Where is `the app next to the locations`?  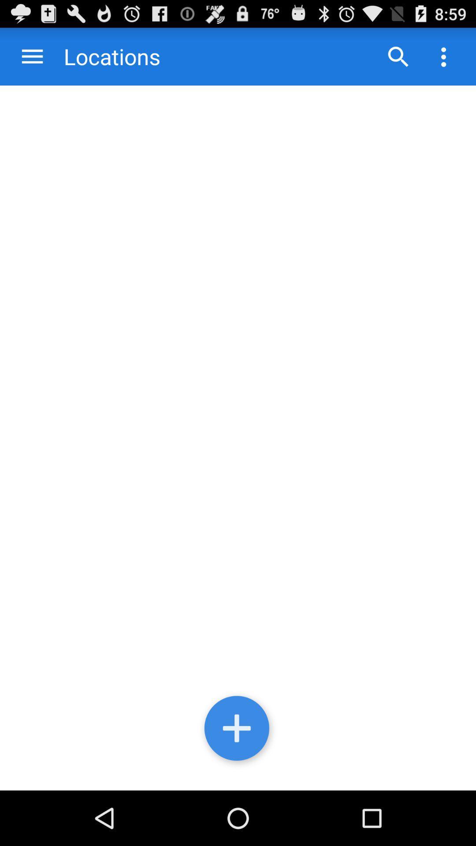
the app next to the locations is located at coordinates (32, 56).